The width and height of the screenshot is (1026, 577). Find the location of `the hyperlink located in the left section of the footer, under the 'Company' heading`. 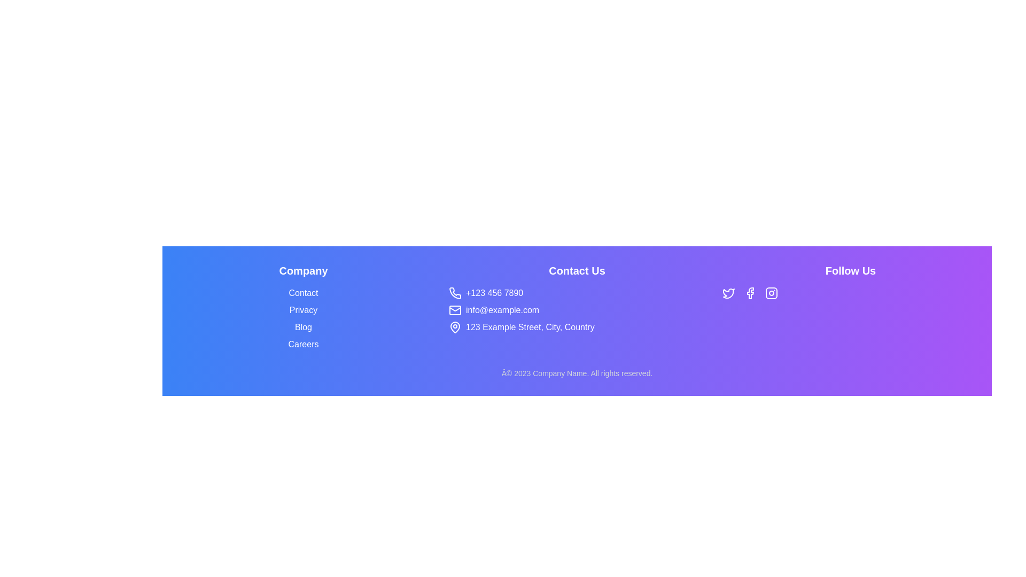

the hyperlink located in the left section of the footer, under the 'Company' heading is located at coordinates (302, 310).